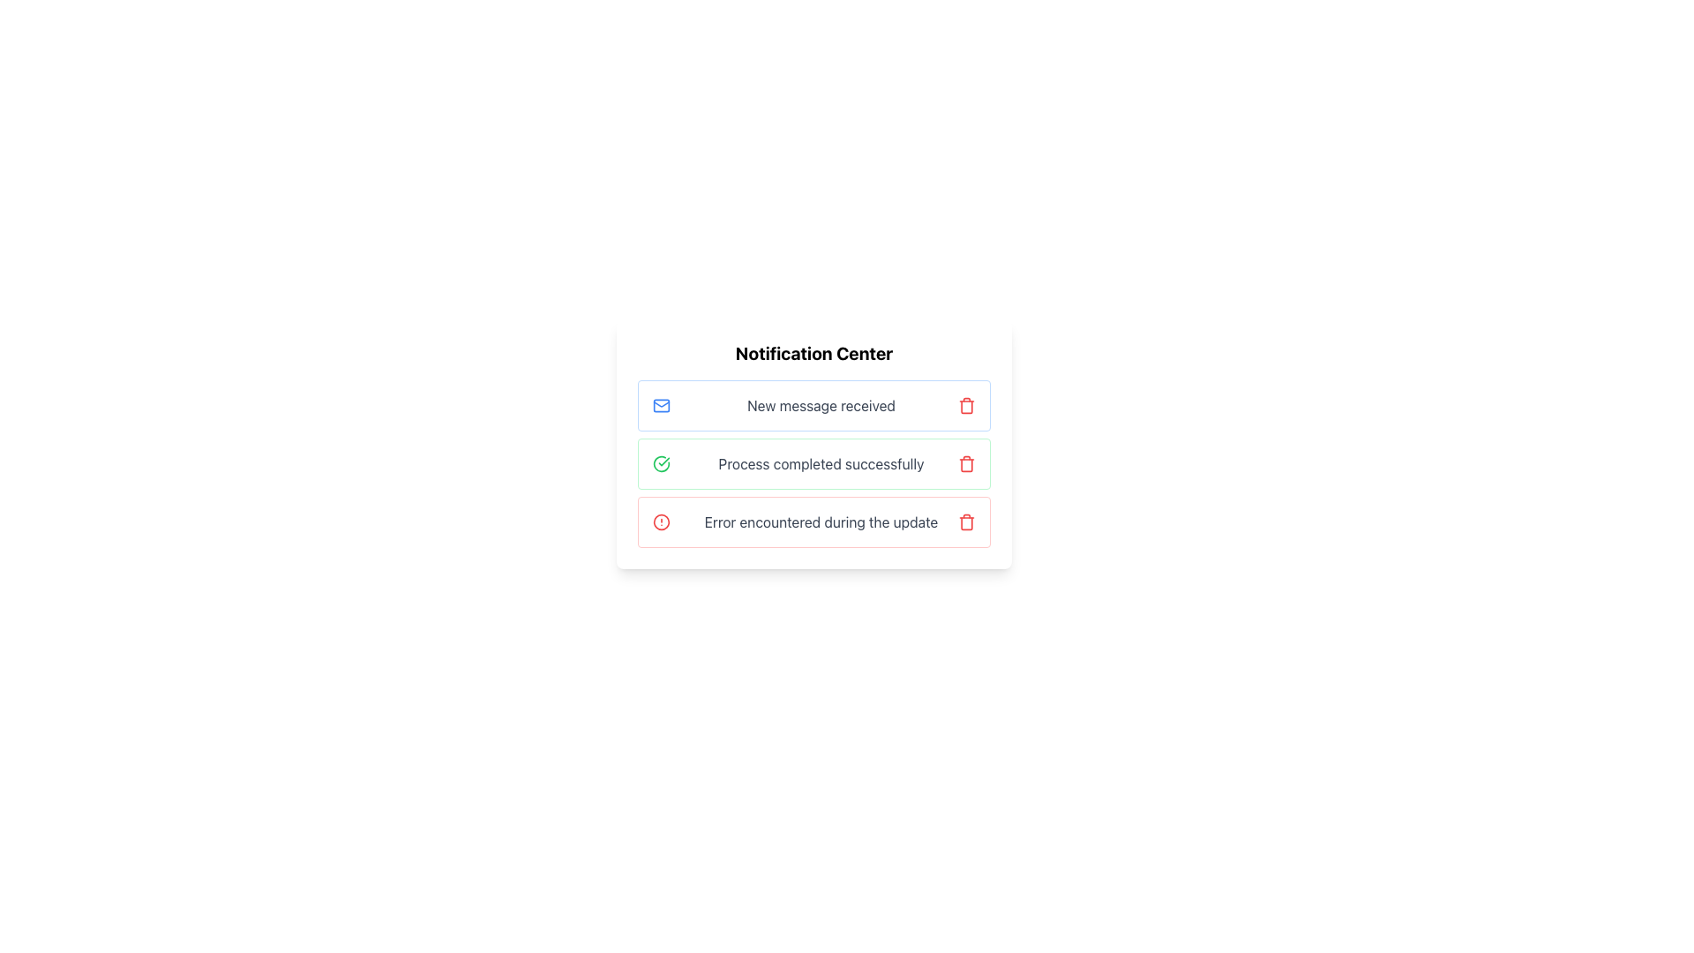 This screenshot has width=1694, height=953. What do you see at coordinates (660, 405) in the screenshot?
I see `the new message notification icon located at the top-left corner of the first notification bar` at bounding box center [660, 405].